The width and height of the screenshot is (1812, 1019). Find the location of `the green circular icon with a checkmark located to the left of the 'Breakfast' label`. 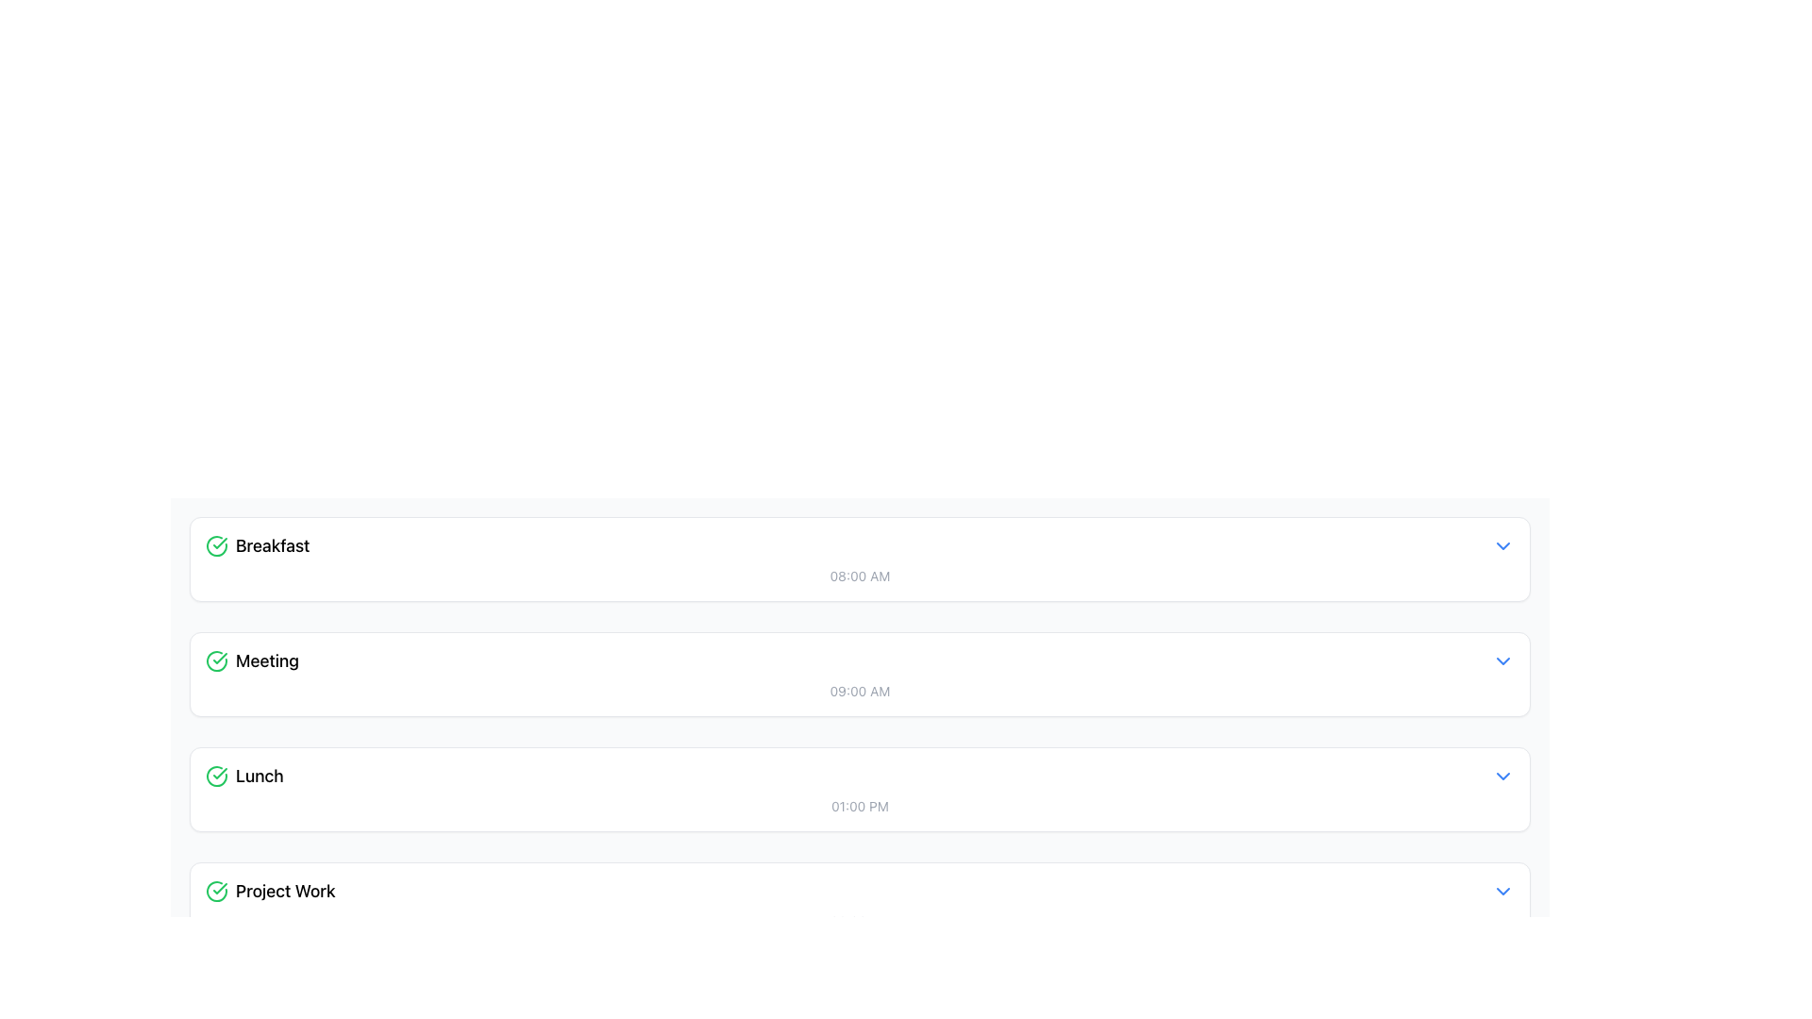

the green circular icon with a checkmark located to the left of the 'Breakfast' label is located at coordinates (217, 545).